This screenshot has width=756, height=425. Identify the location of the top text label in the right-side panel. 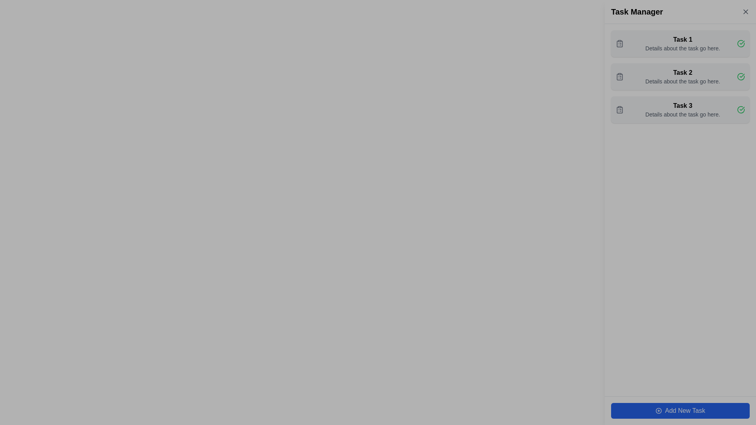
(682, 39).